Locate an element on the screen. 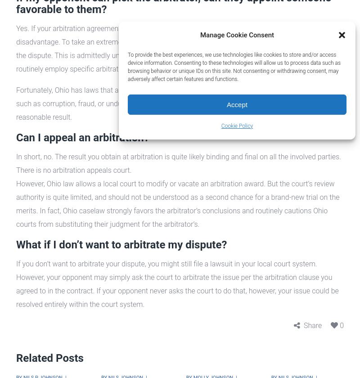  'If you don’t want to arbitrate your dispute, you might still file a lawsuit in your local court system. However, your opponent may simply ask the court to arbitrate the issue per the arbitration clause you agreed to in the contract. If your opponent never asks the court to do that, however, your issue could be resolved entirely within the court system.' is located at coordinates (177, 284).